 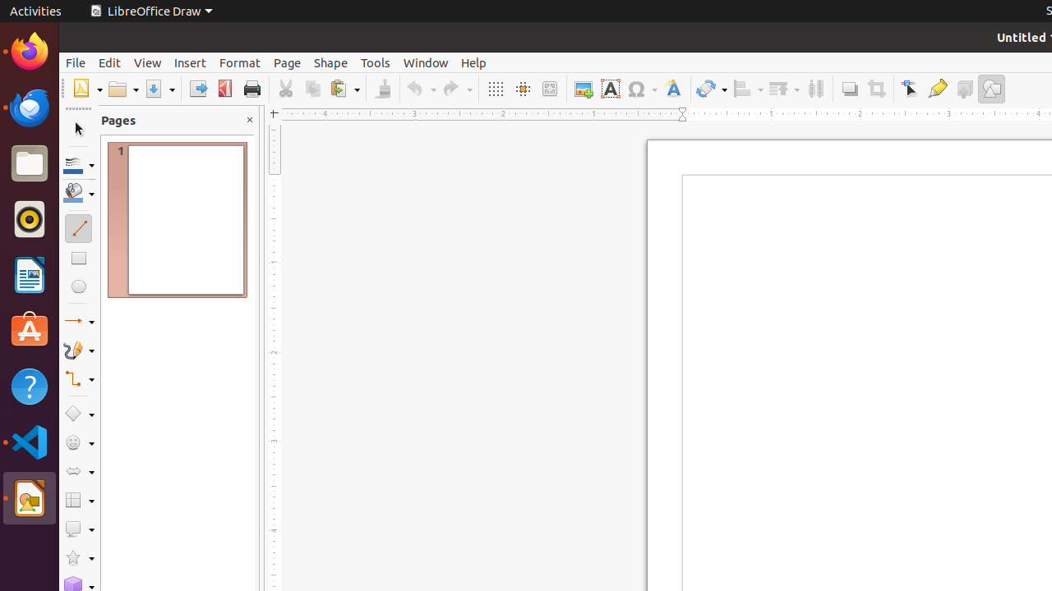 I want to click on 'Rhythmbox', so click(x=29, y=218).